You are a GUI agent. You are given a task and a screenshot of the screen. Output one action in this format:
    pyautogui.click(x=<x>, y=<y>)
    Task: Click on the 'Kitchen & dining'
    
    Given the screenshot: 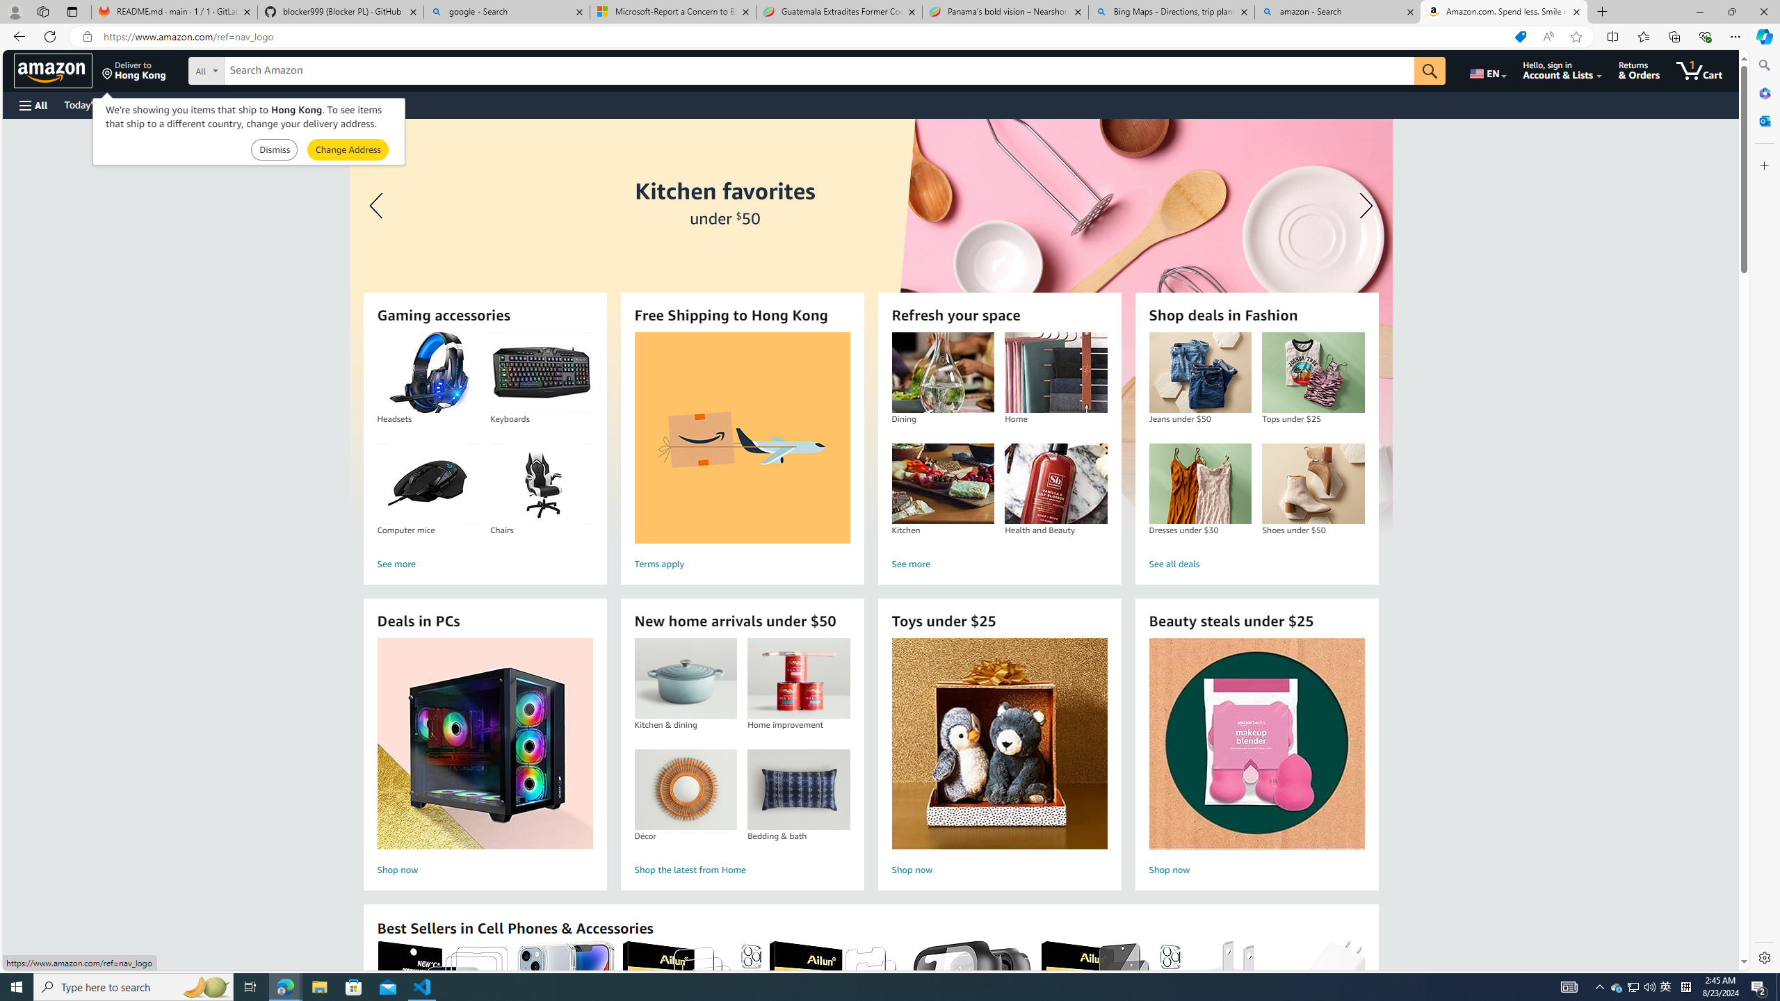 What is the action you would take?
    pyautogui.click(x=685, y=678)
    